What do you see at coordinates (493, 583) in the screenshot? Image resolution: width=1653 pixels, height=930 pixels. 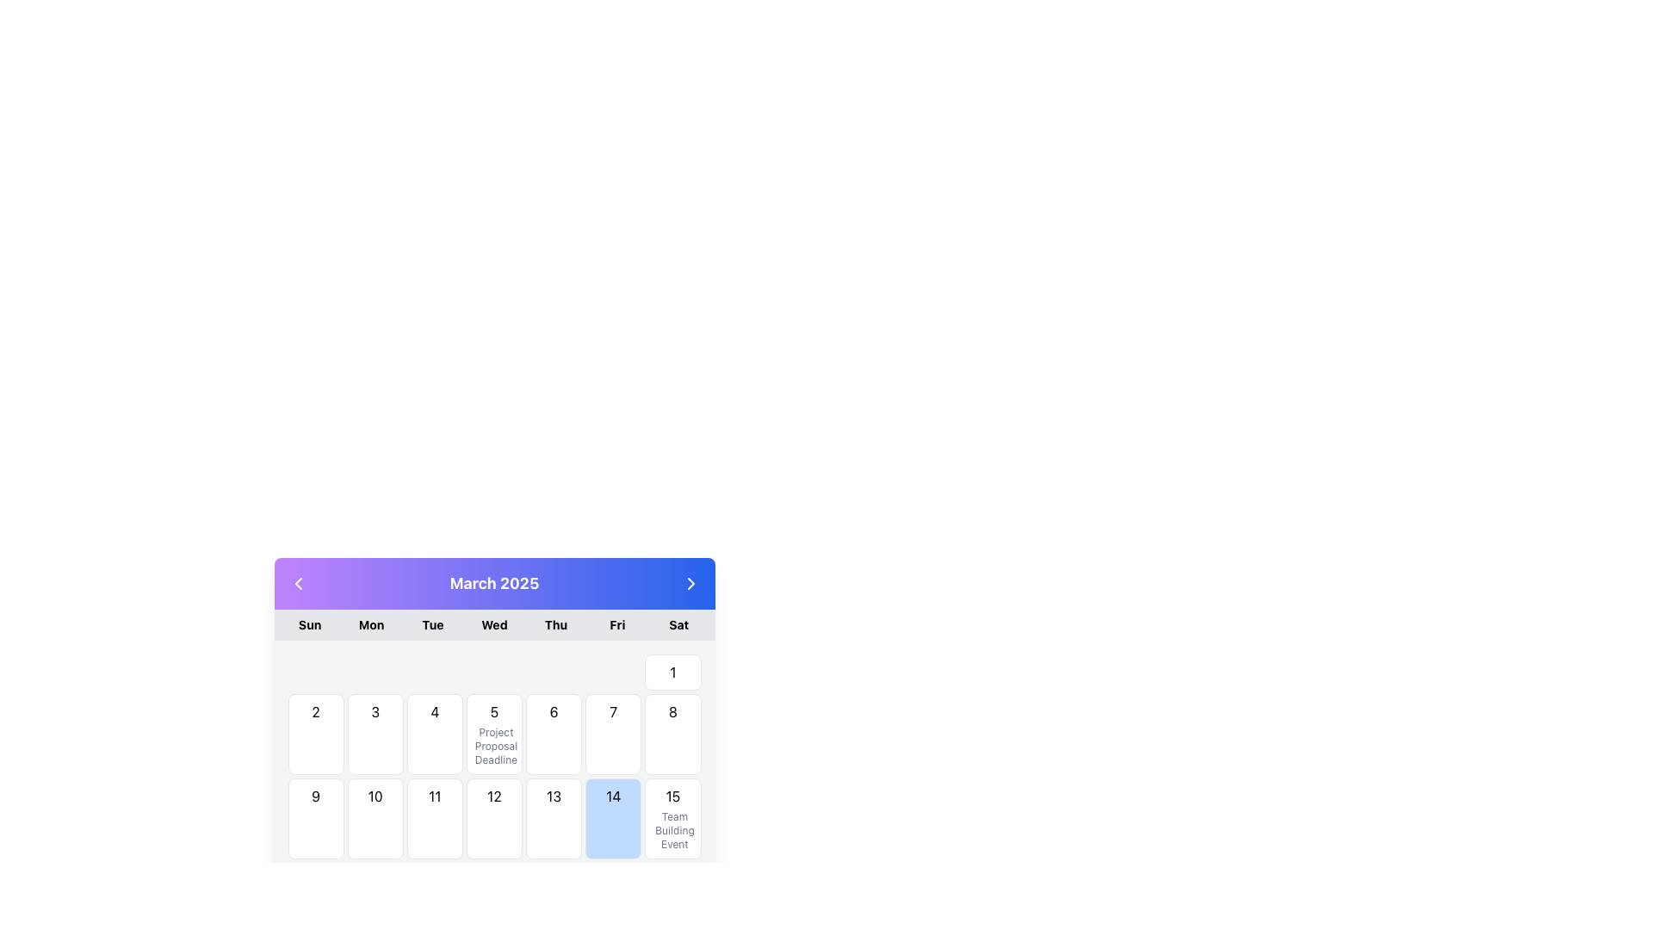 I see `displayed month and year from the Calendar Header located at the top of the calendar interface, which includes navigation chevrons for previous and next months` at bounding box center [493, 583].